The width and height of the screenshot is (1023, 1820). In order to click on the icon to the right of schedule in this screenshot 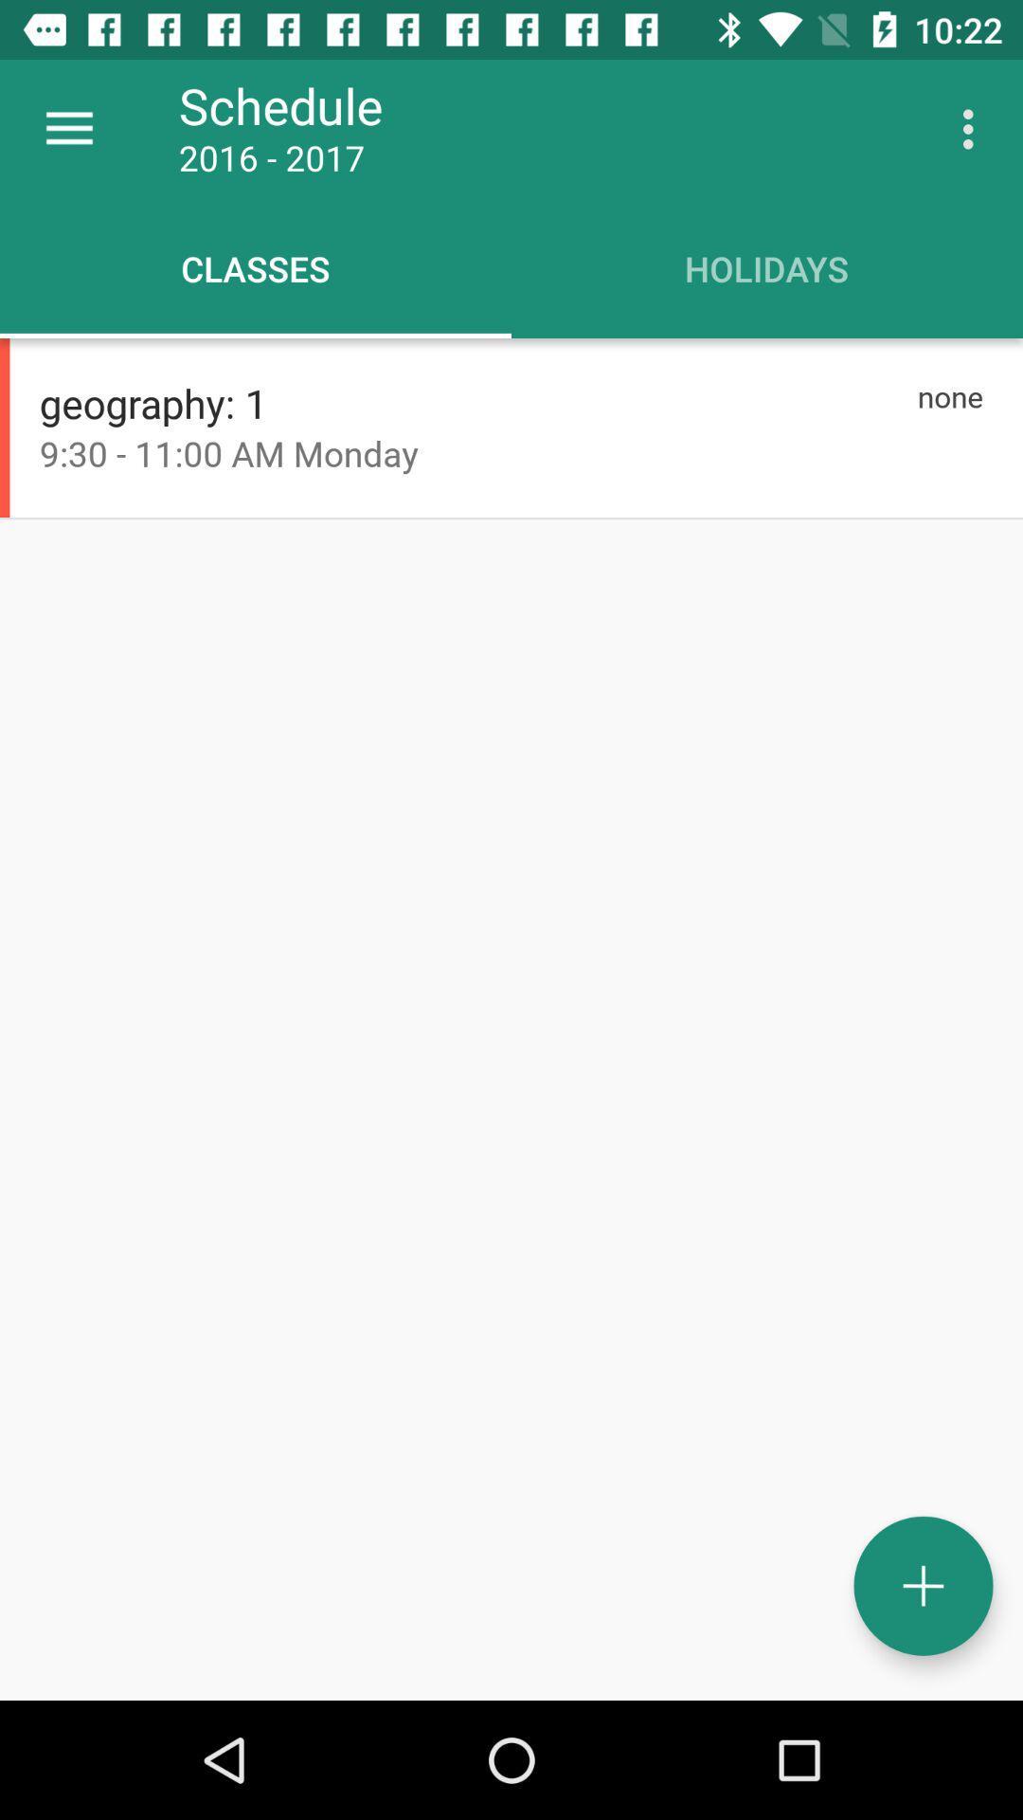, I will do `click(973, 128)`.